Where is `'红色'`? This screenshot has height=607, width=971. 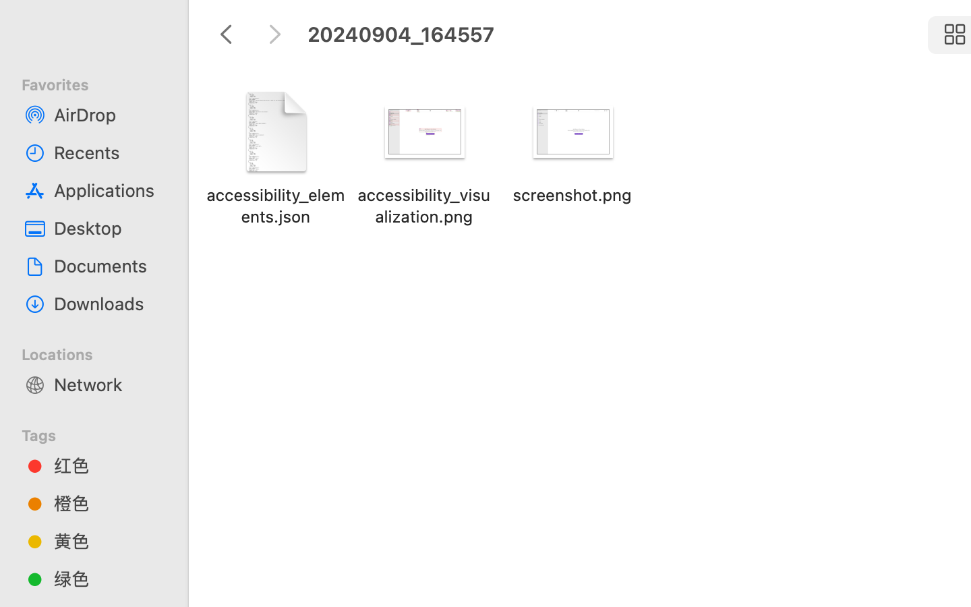 '红色' is located at coordinates (107, 465).